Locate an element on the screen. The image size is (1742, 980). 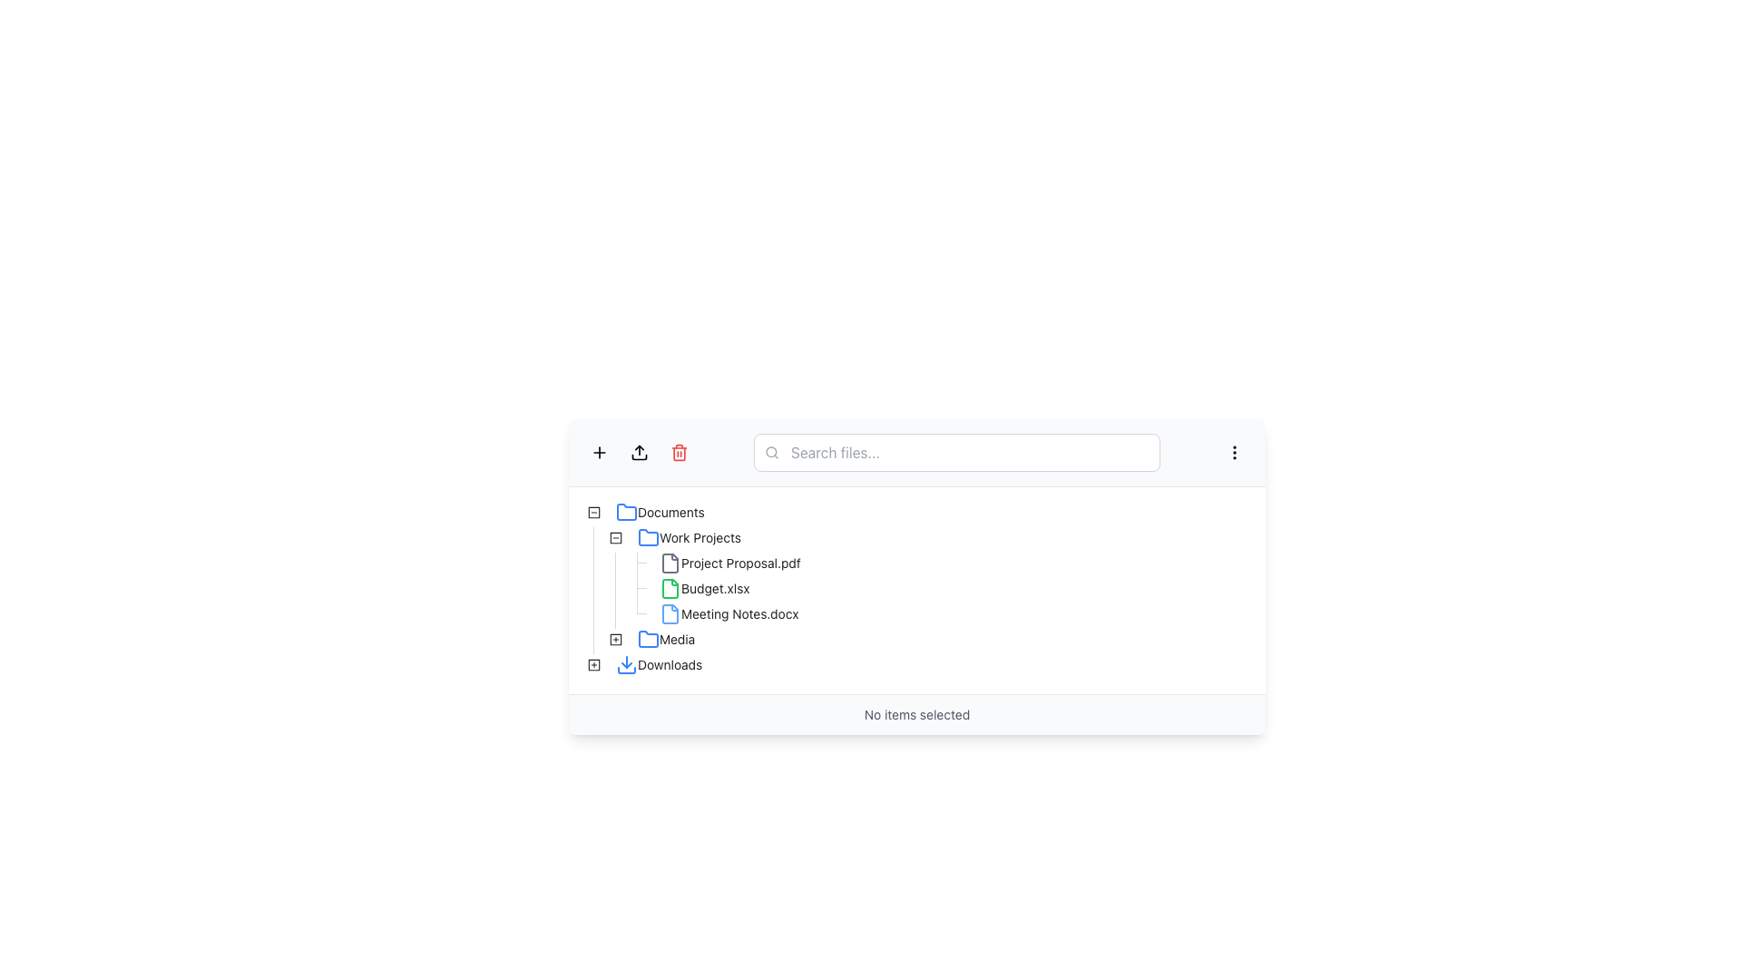
the 'Work Projects' folder node is located at coordinates (665, 537).